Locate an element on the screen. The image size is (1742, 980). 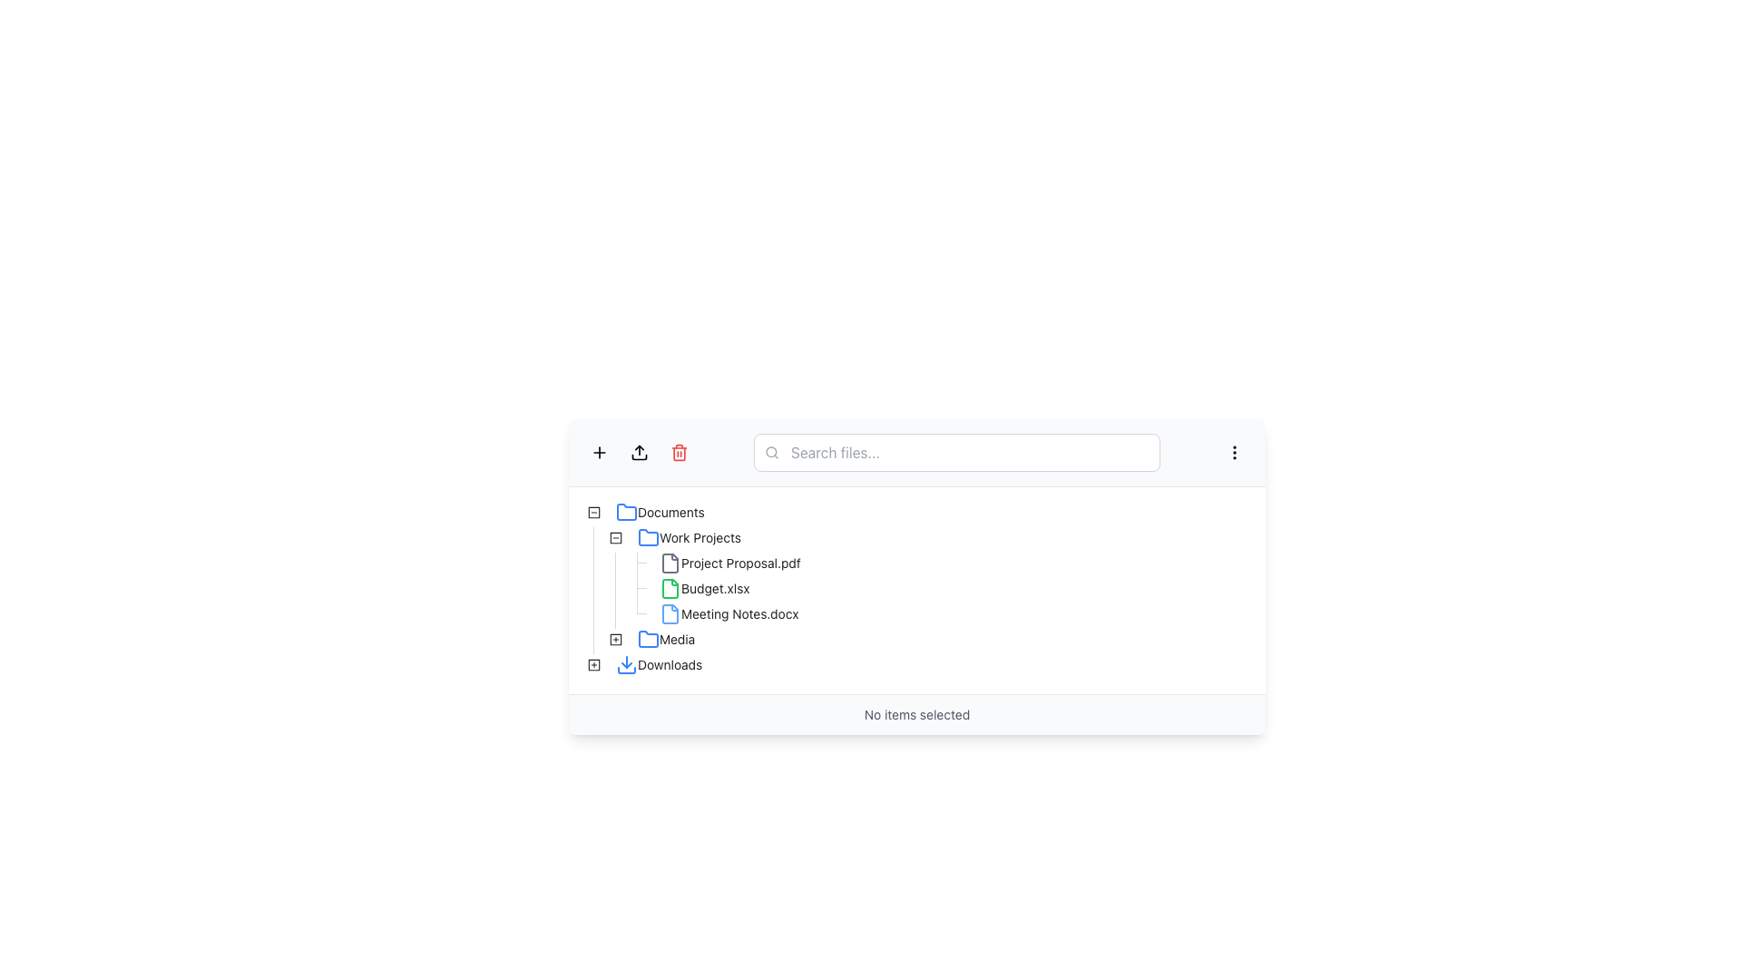
the 'Work Projects' folder node is located at coordinates (665, 537).